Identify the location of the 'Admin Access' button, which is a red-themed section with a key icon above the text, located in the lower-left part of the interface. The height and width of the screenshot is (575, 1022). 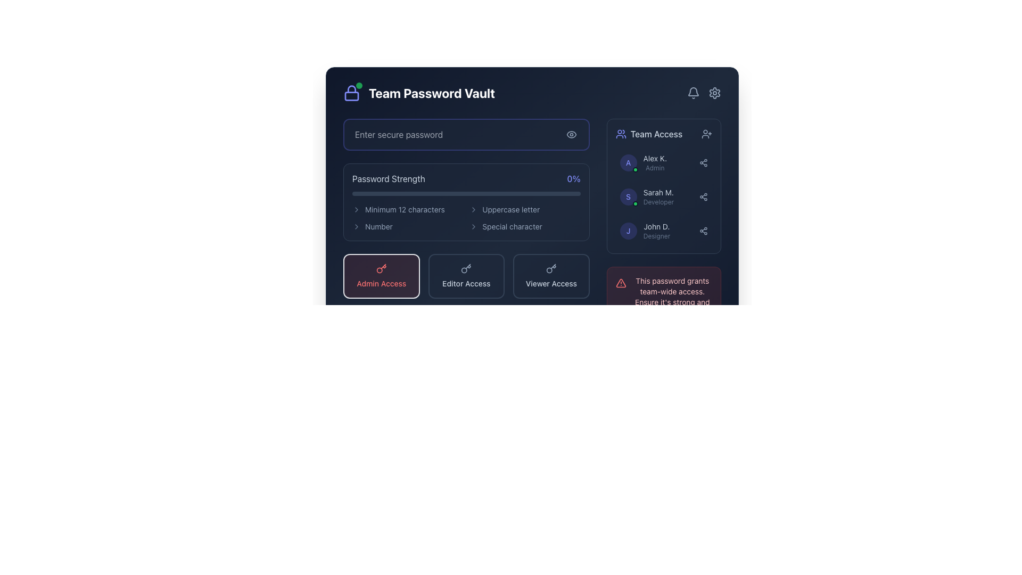
(381, 276).